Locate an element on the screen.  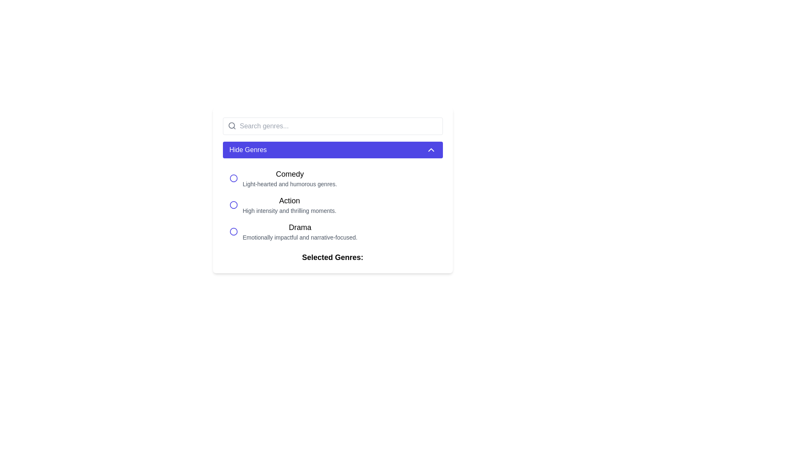
the deselected state selection indicator circle (SVG graphic) located to the left of the text 'Action' is located at coordinates (233, 178).